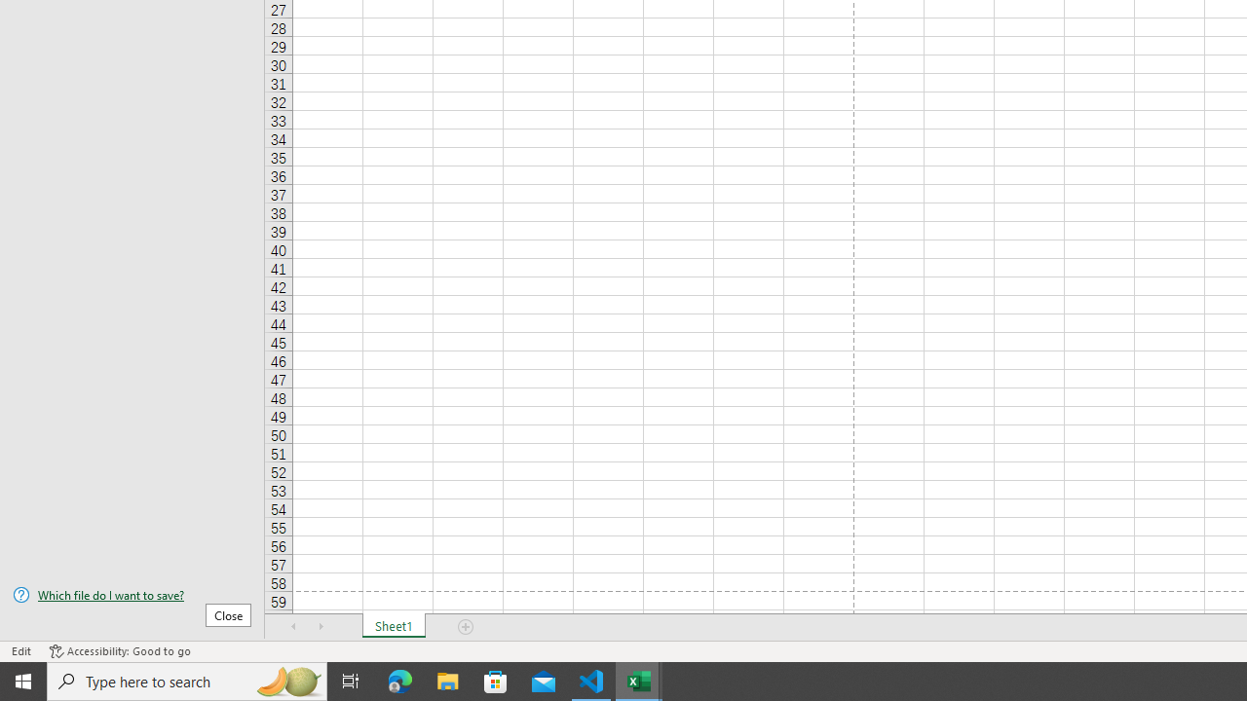 The width and height of the screenshot is (1247, 701). I want to click on 'Close', so click(228, 614).